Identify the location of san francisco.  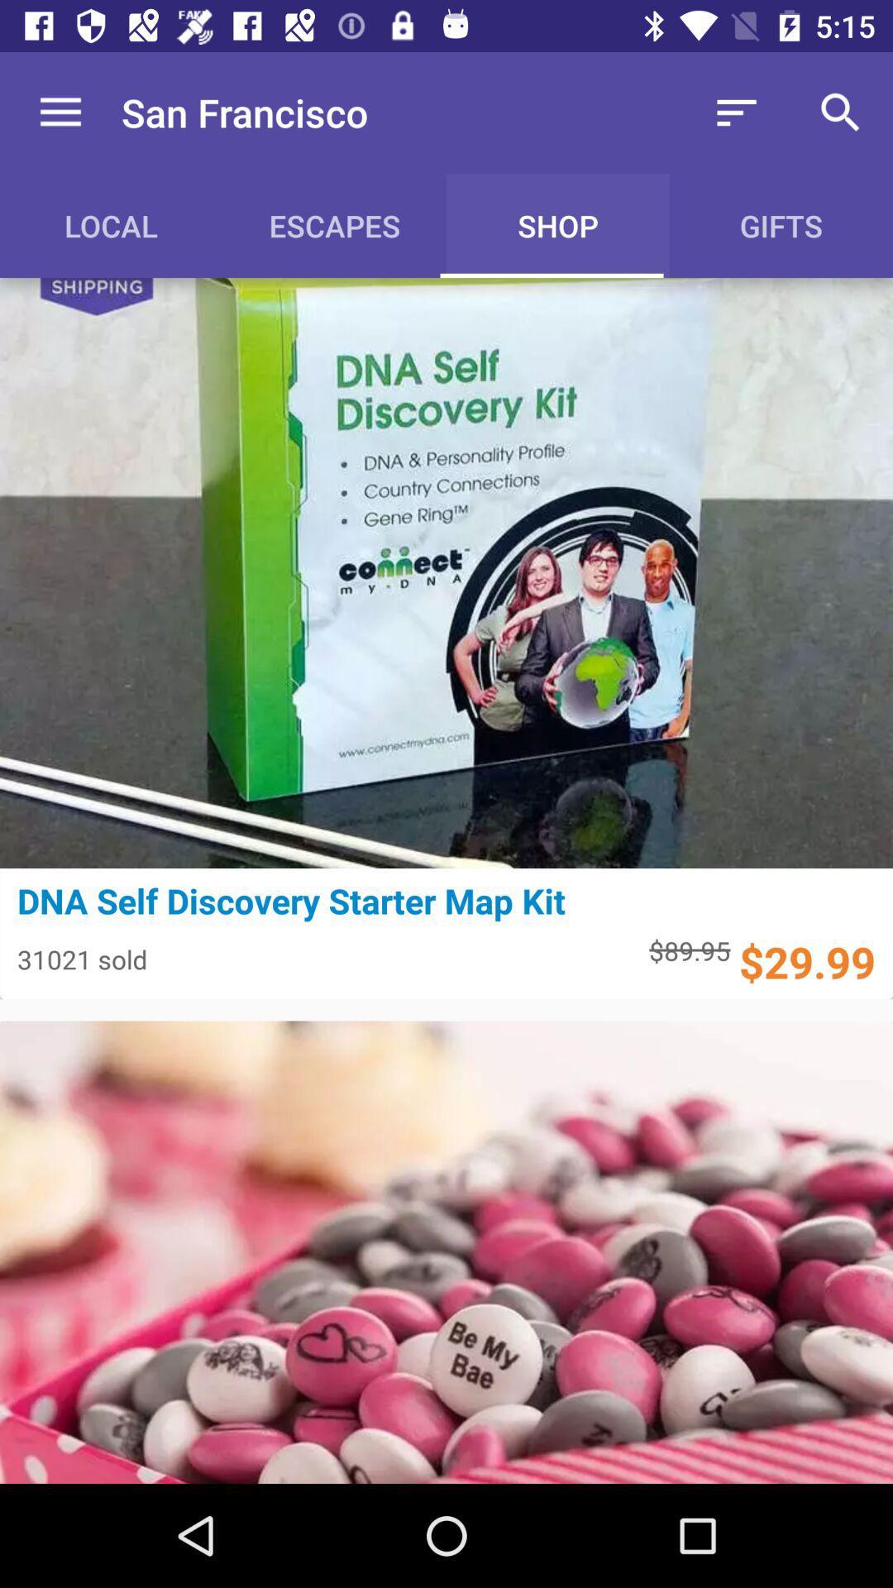
(245, 112).